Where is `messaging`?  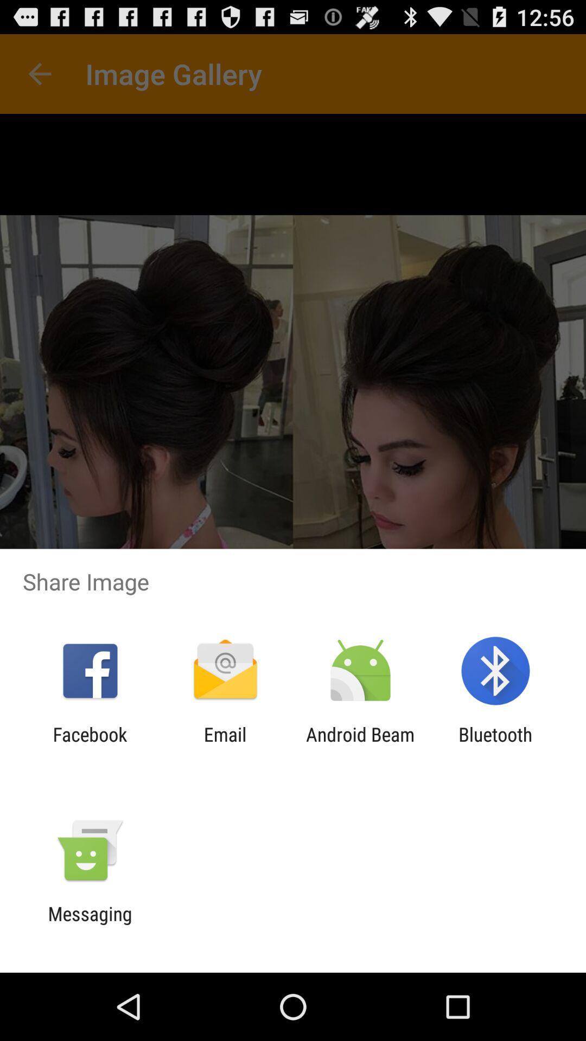 messaging is located at coordinates (90, 924).